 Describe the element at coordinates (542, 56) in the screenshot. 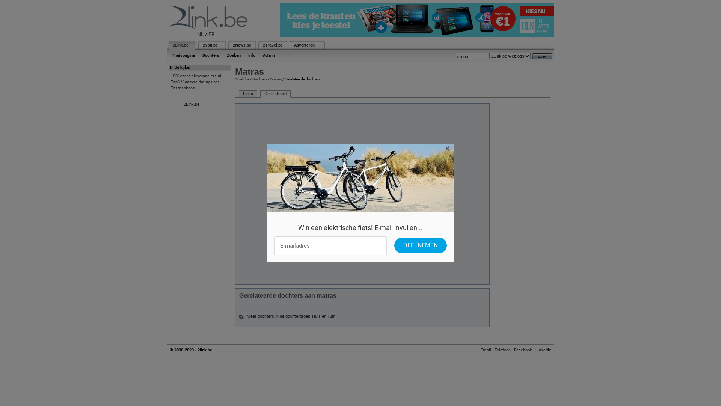

I see `'Zoek'` at that location.